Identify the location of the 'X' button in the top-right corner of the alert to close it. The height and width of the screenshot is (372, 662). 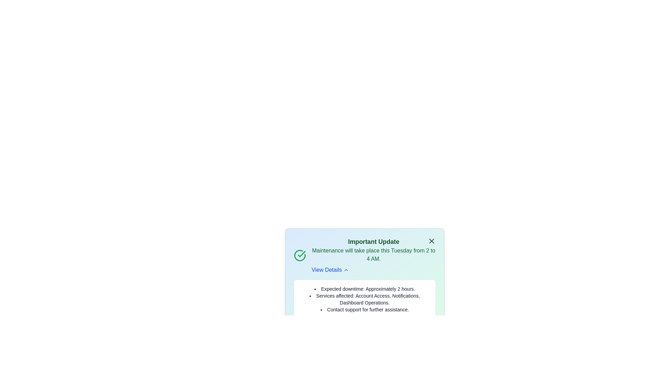
(431, 240).